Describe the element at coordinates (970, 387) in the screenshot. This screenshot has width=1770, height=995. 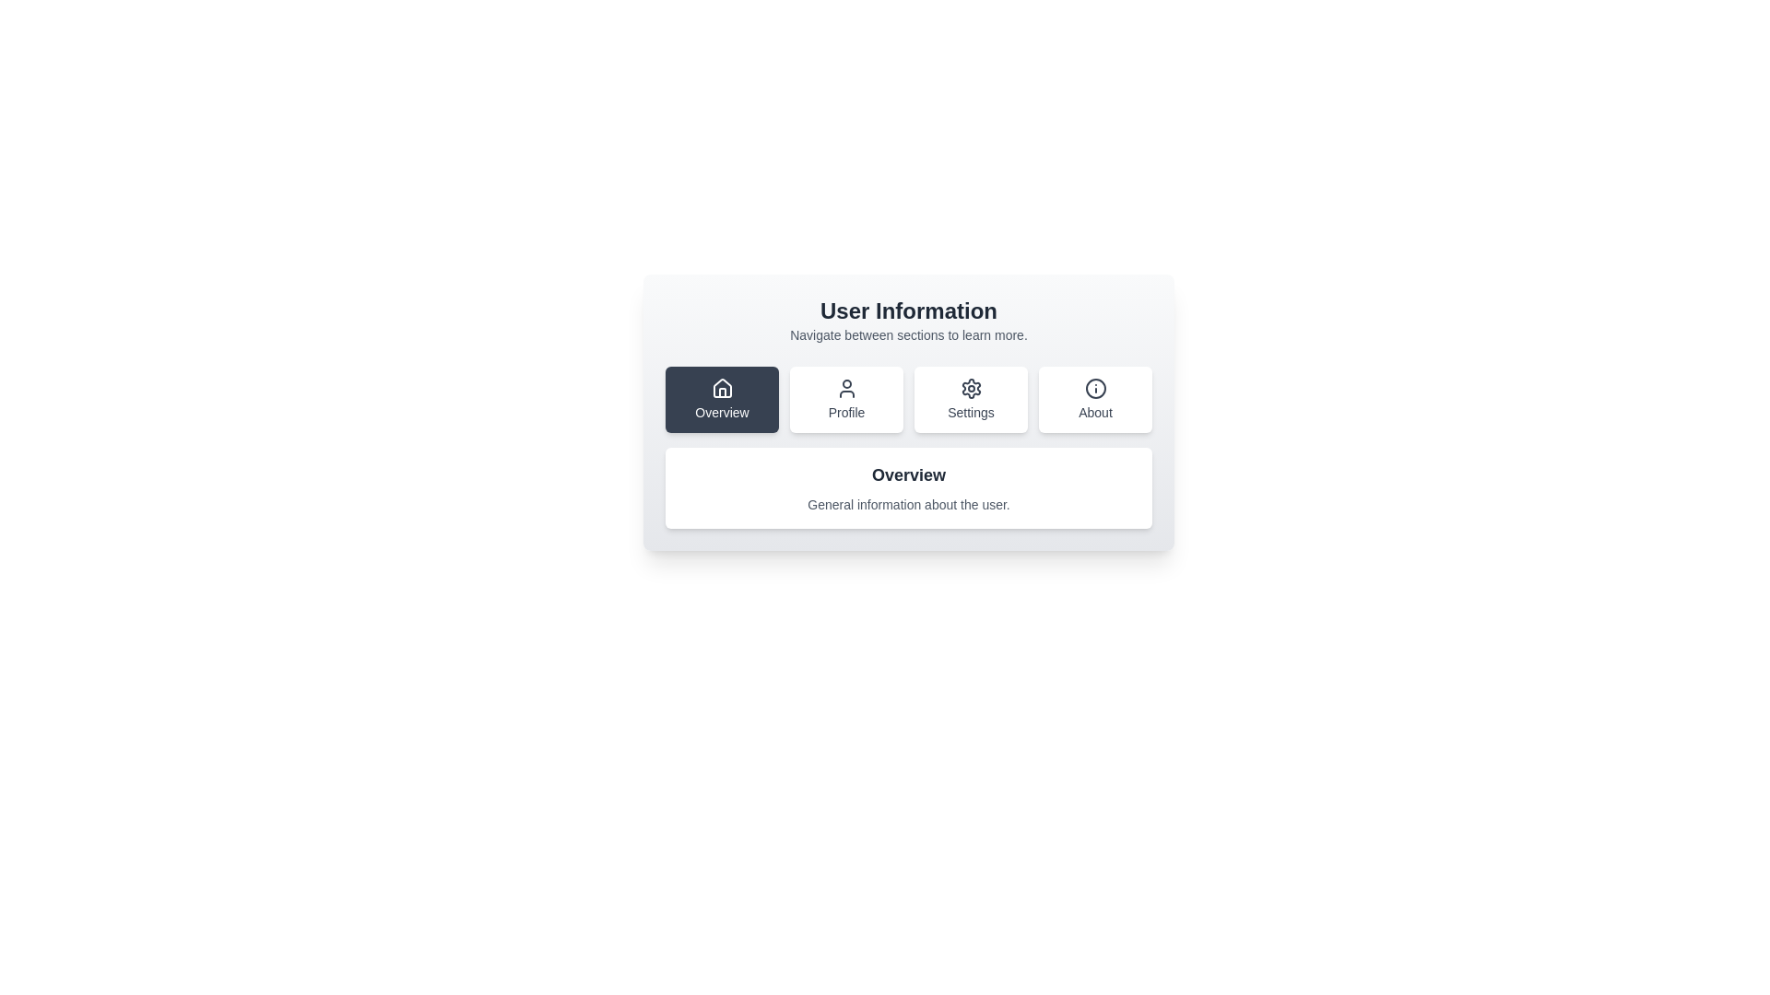
I see `the 'Settings' button, which is the third button in a horizontal row of buttons labeled 'Overview', 'Profile', and 'About'` at that location.